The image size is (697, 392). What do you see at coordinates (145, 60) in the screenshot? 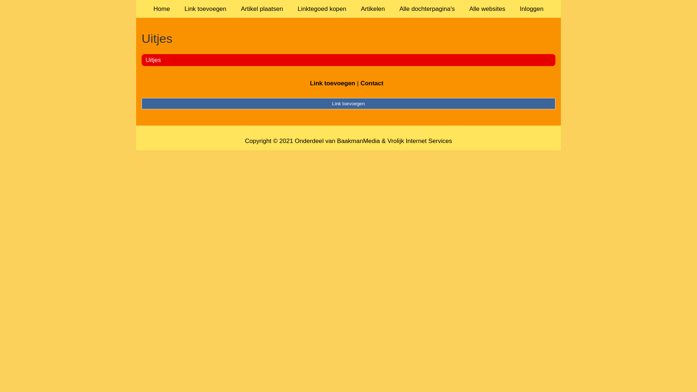
I see `'Uitjes'` at bounding box center [145, 60].